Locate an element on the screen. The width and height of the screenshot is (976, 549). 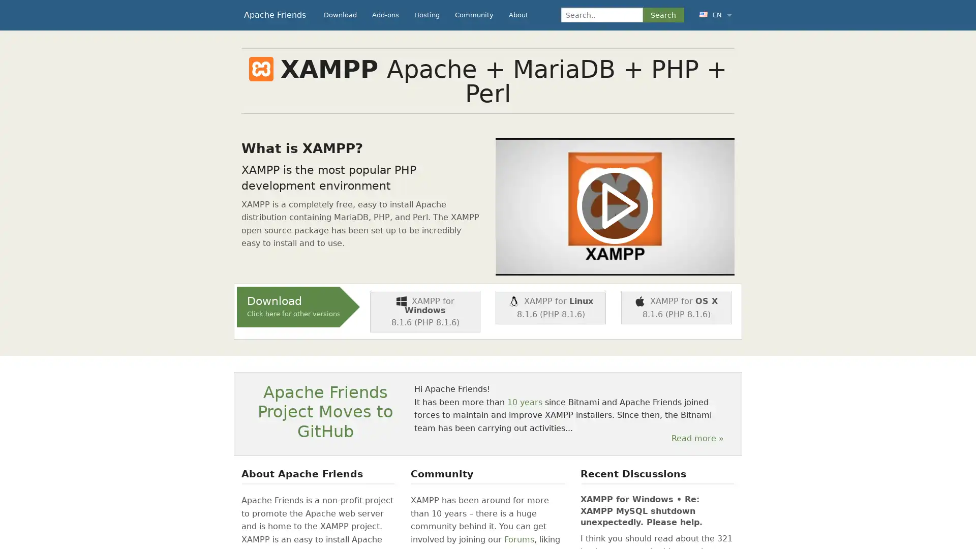
Search is located at coordinates (663, 15).